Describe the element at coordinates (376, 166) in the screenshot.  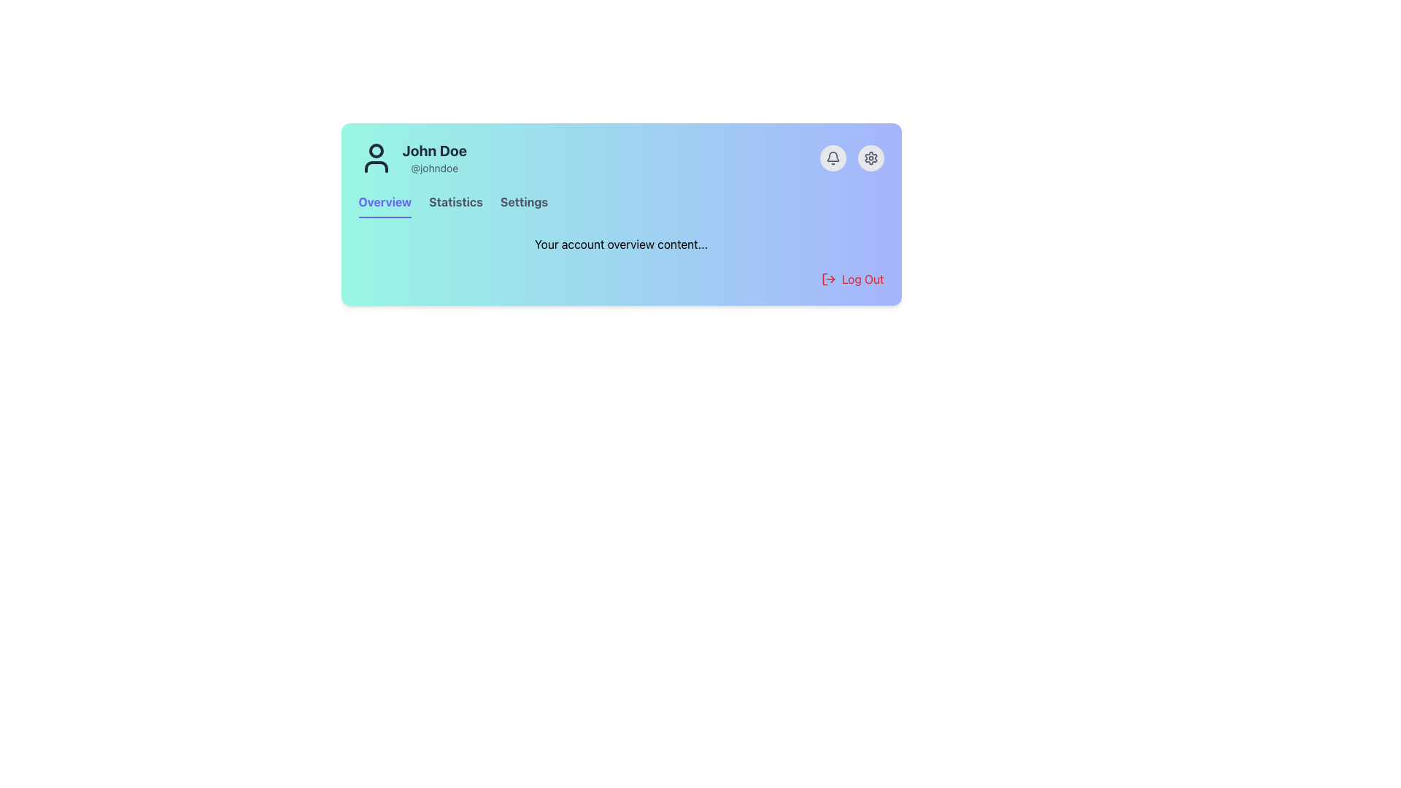
I see `lower part of the user icon, which is a rounded, arched shape in the SVG, positioned below the circular head of the icon` at that location.